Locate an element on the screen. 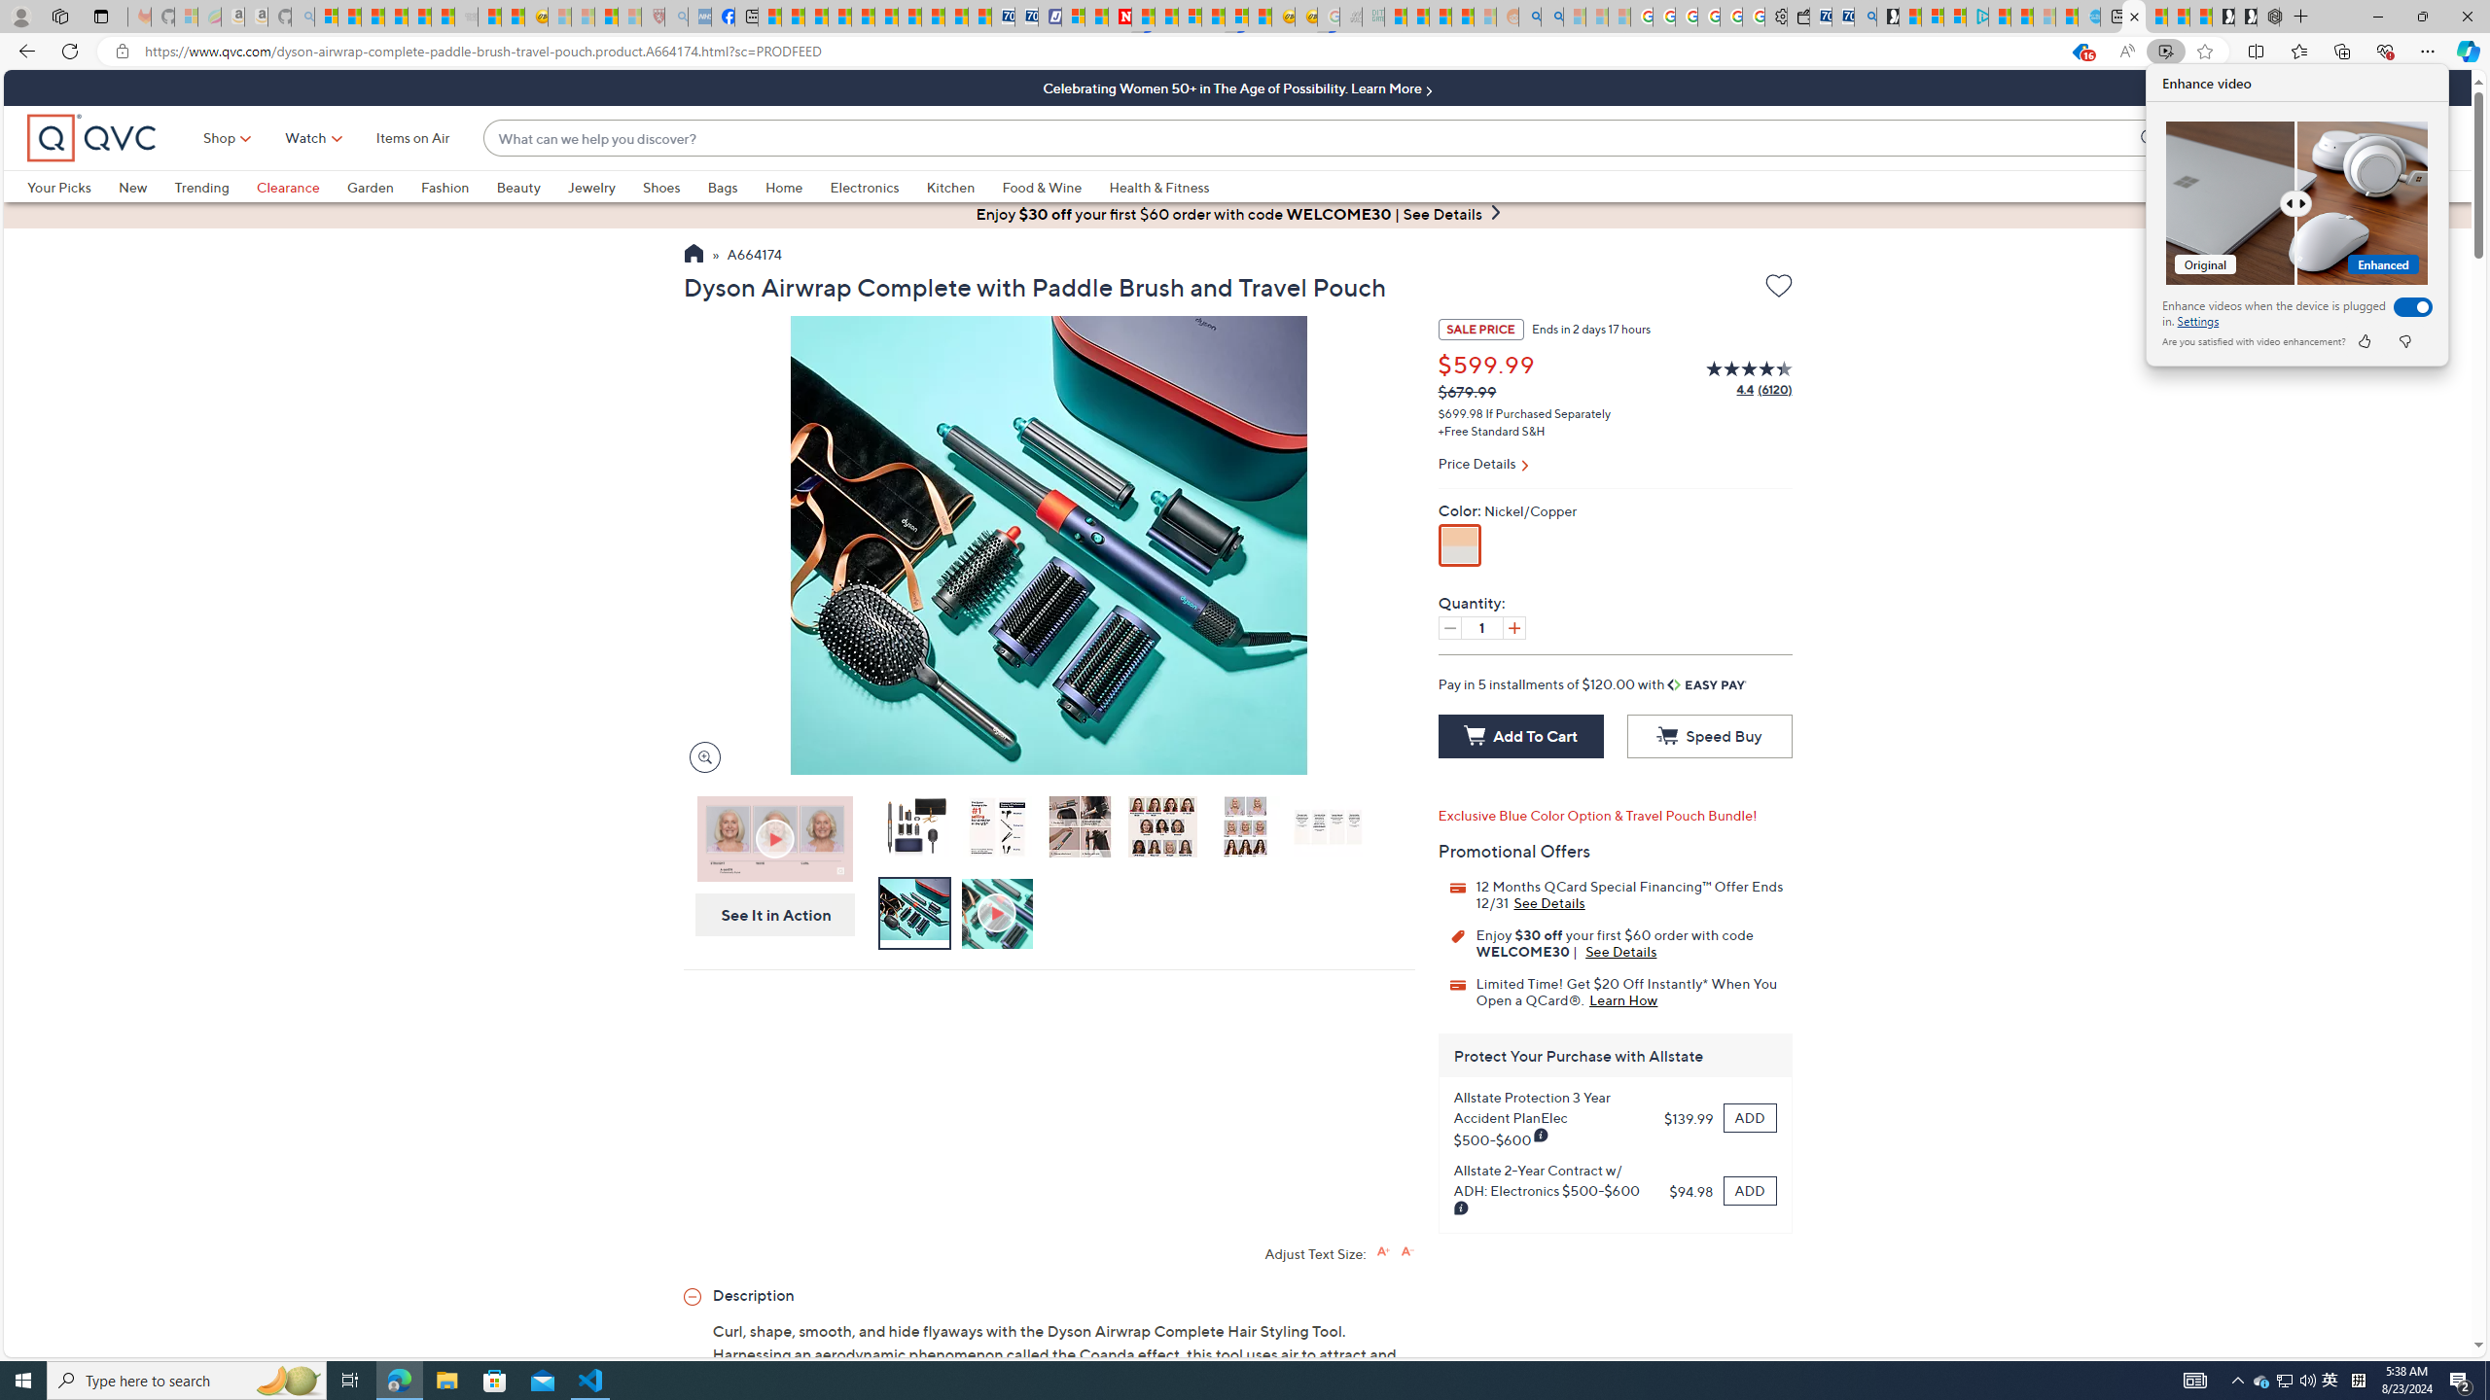  'Shoes' is located at coordinates (659, 186).